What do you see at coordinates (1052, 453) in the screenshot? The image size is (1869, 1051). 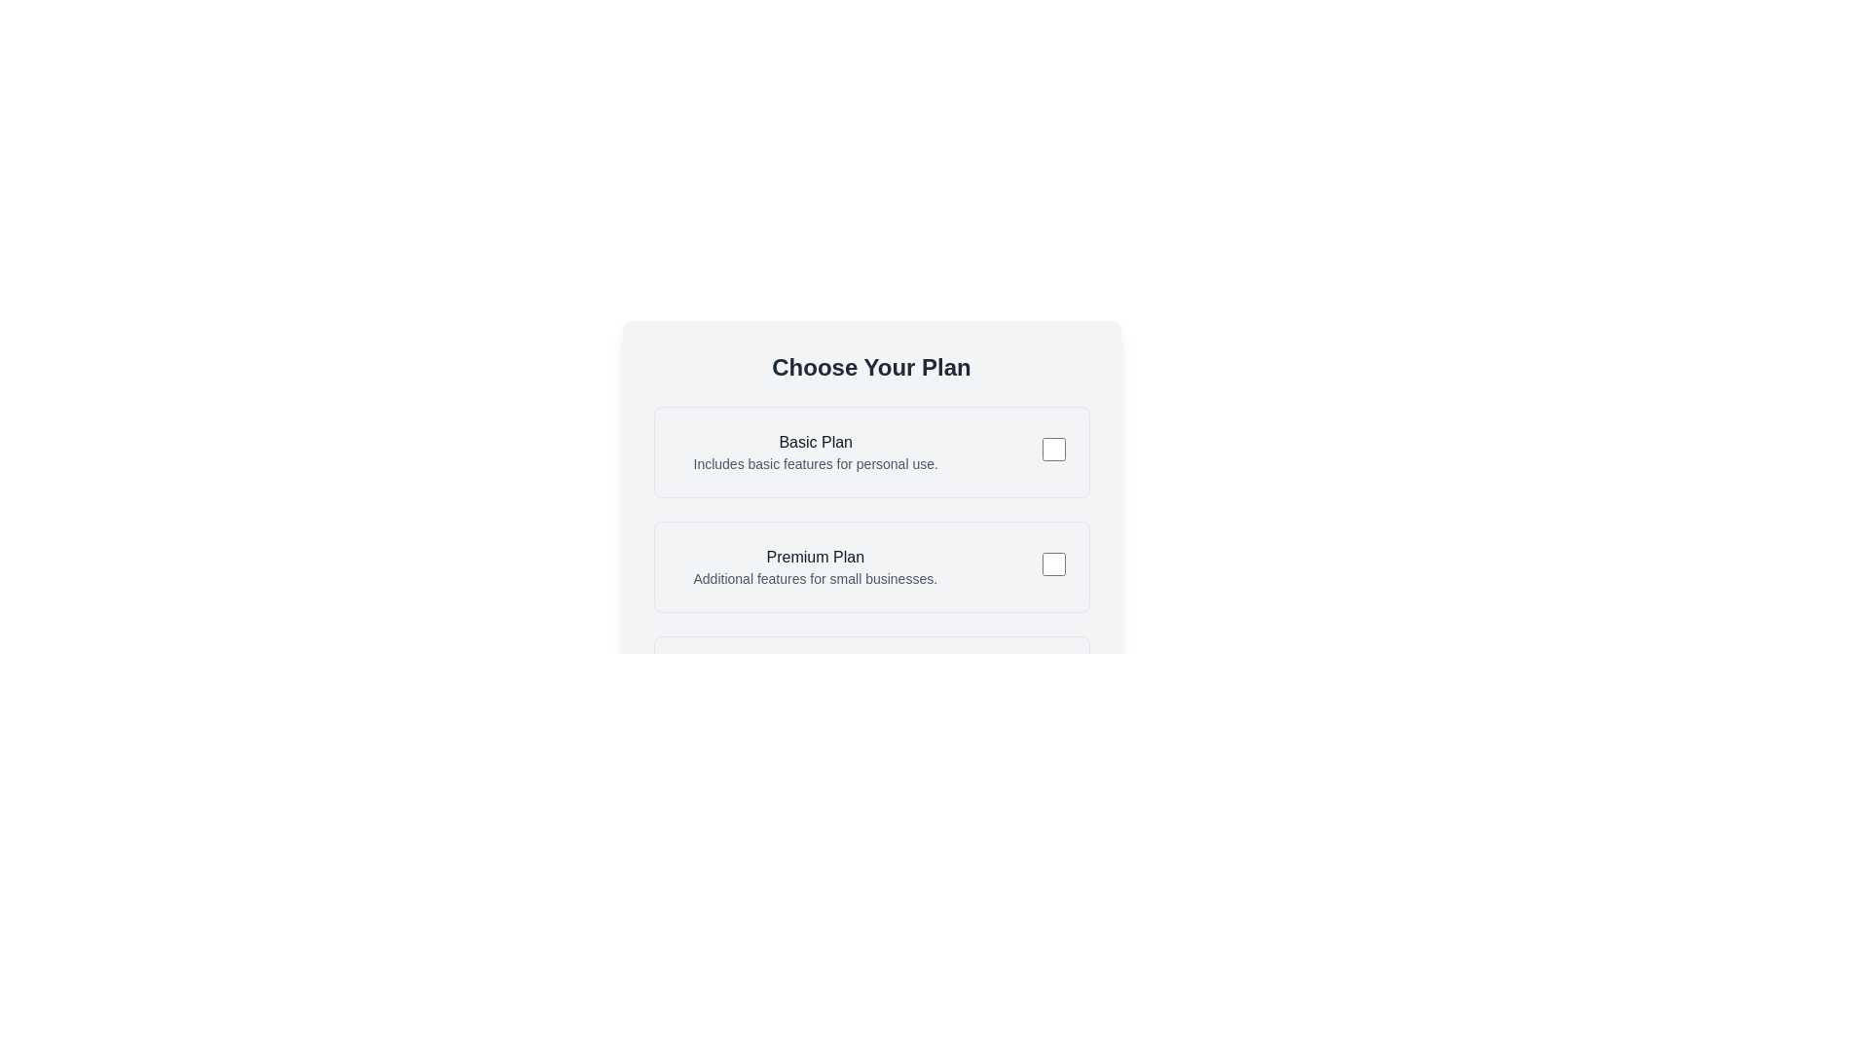 I see `the checkbox for the 'Basic Plan' option` at bounding box center [1052, 453].